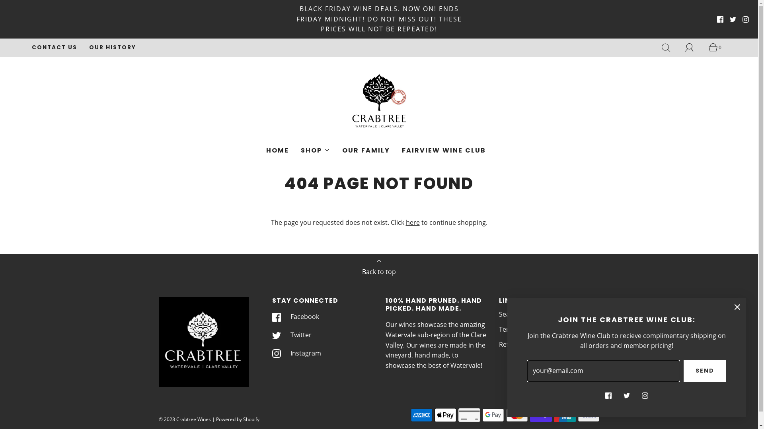 Image resolution: width=764 pixels, height=429 pixels. What do you see at coordinates (112, 47) in the screenshot?
I see `'OUR HISTORY'` at bounding box center [112, 47].